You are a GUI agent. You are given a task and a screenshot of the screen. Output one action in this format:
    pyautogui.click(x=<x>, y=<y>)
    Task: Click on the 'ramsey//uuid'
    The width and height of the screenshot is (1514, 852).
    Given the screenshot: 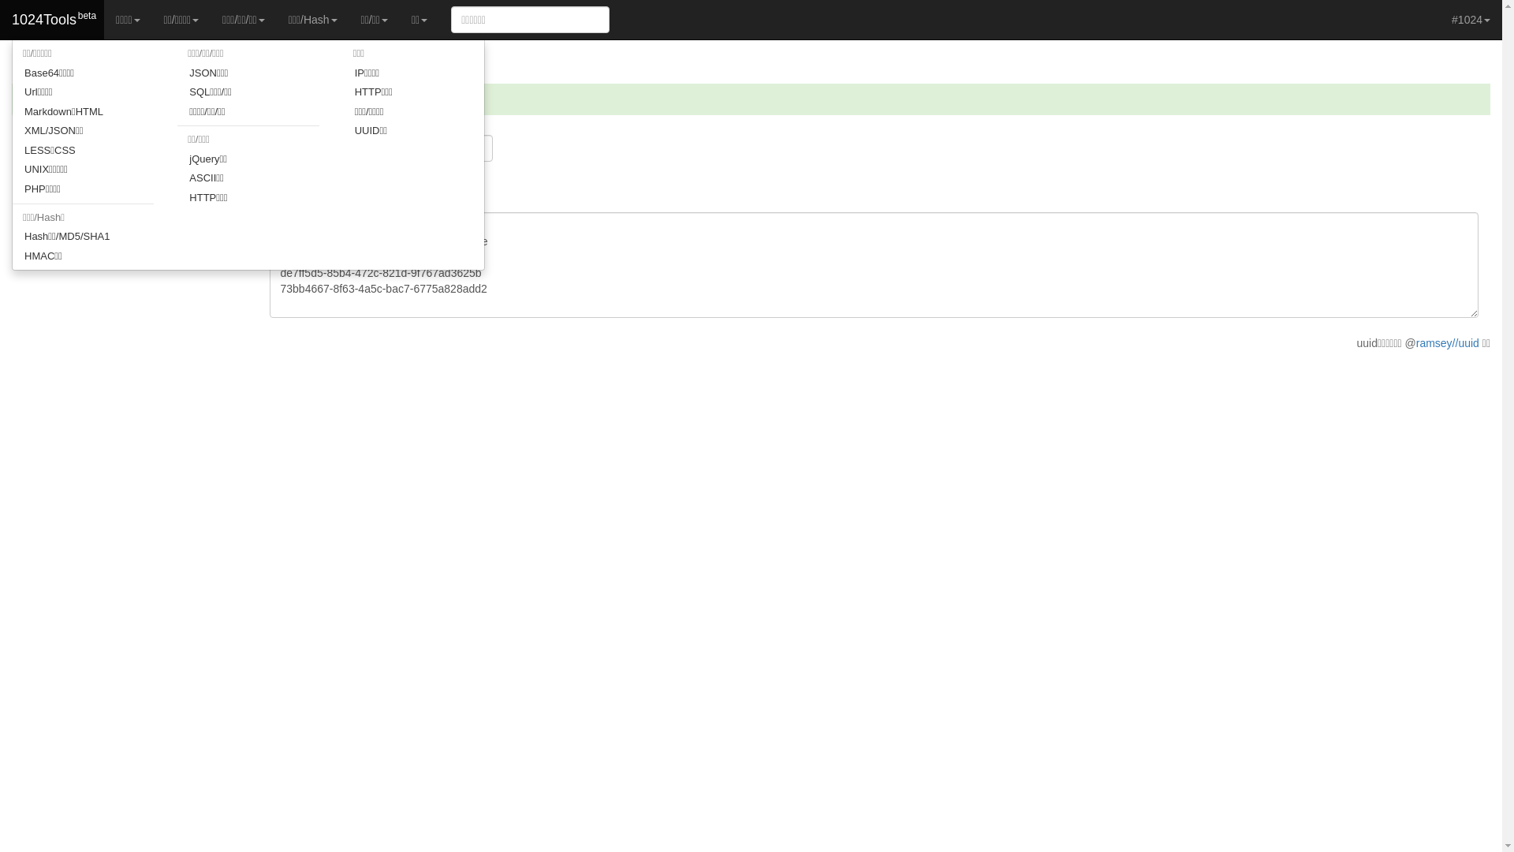 What is the action you would take?
    pyautogui.click(x=1448, y=342)
    